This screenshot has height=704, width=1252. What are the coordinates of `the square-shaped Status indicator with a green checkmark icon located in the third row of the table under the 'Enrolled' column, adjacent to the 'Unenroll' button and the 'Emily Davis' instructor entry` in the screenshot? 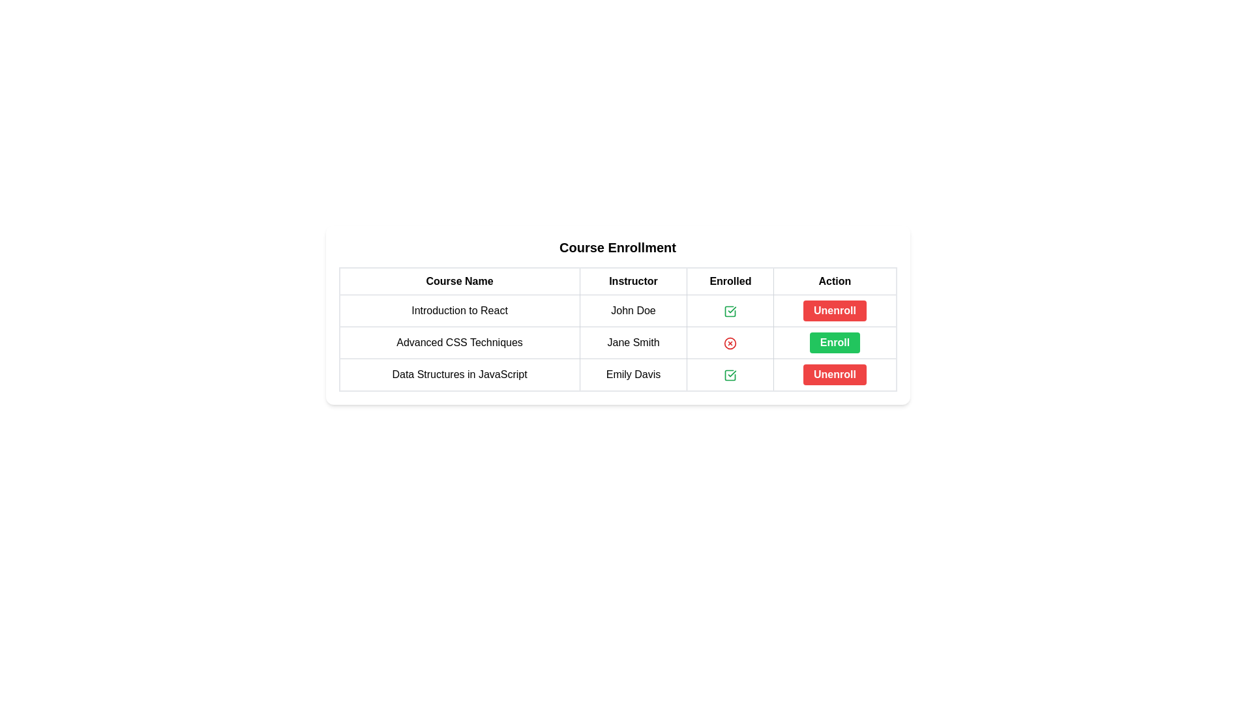 It's located at (730, 375).